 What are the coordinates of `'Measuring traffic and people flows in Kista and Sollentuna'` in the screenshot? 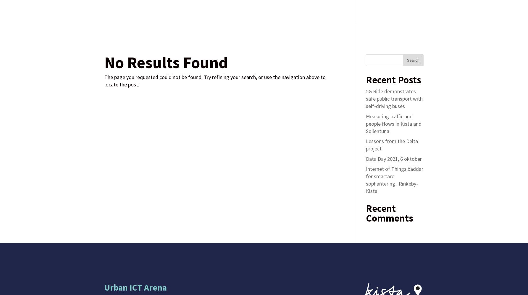 It's located at (366, 123).